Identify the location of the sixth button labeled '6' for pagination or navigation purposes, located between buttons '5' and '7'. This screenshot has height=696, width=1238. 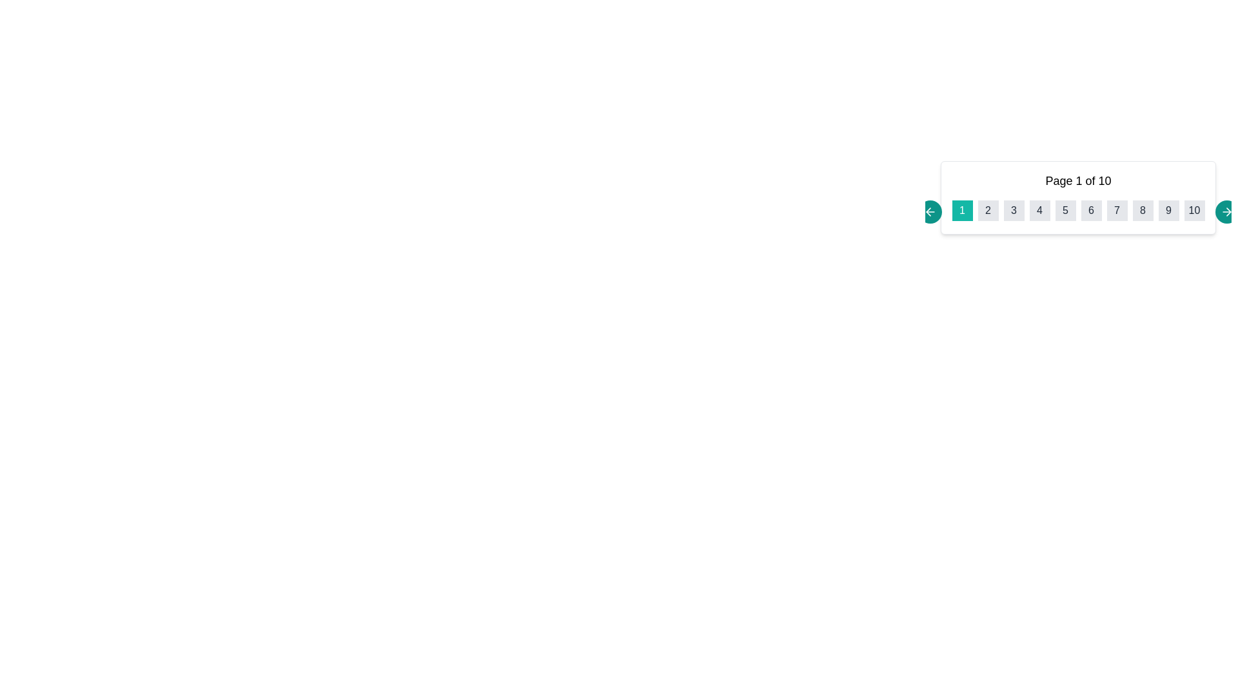
(1090, 210).